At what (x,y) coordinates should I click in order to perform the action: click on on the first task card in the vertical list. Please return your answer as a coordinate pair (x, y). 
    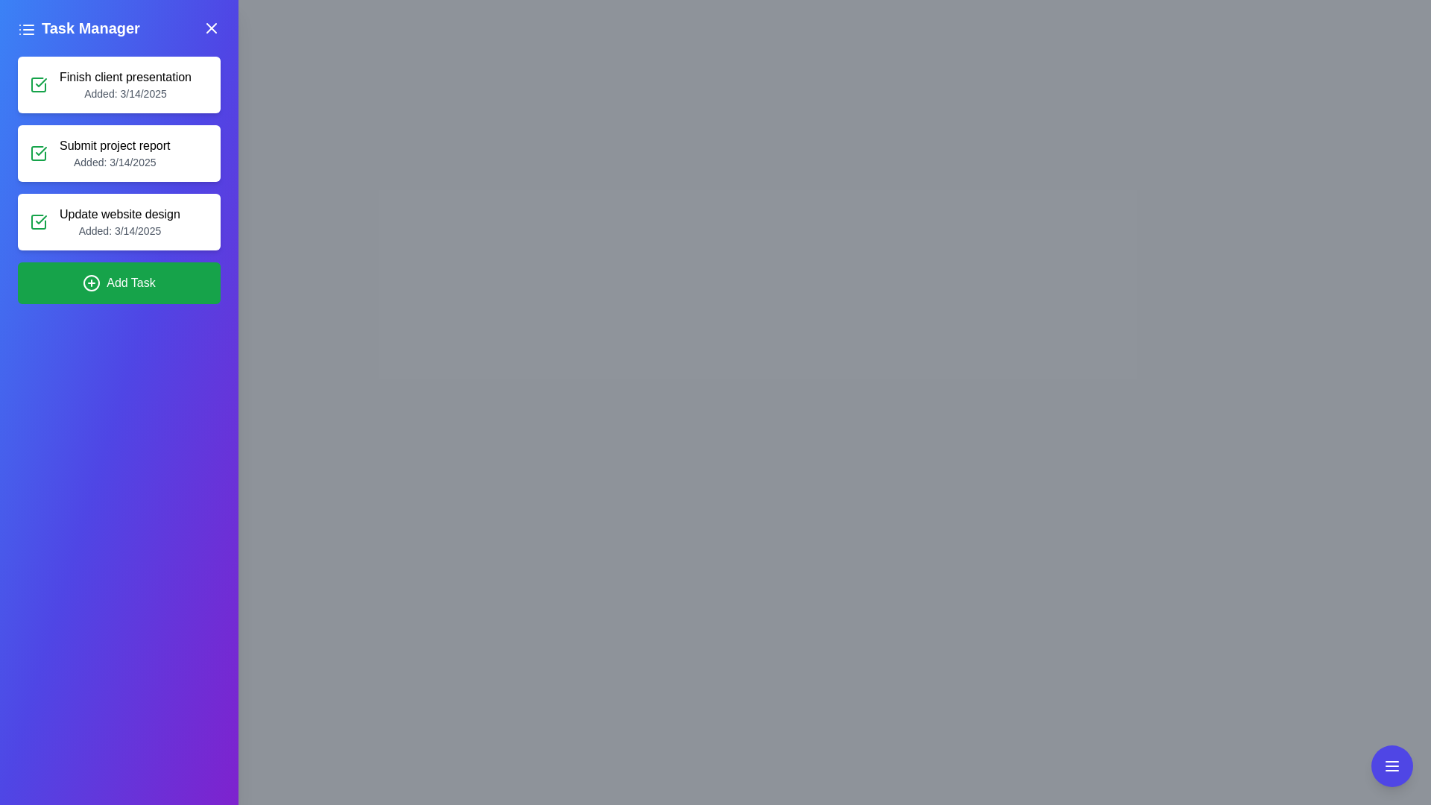
    Looking at the image, I should click on (118, 85).